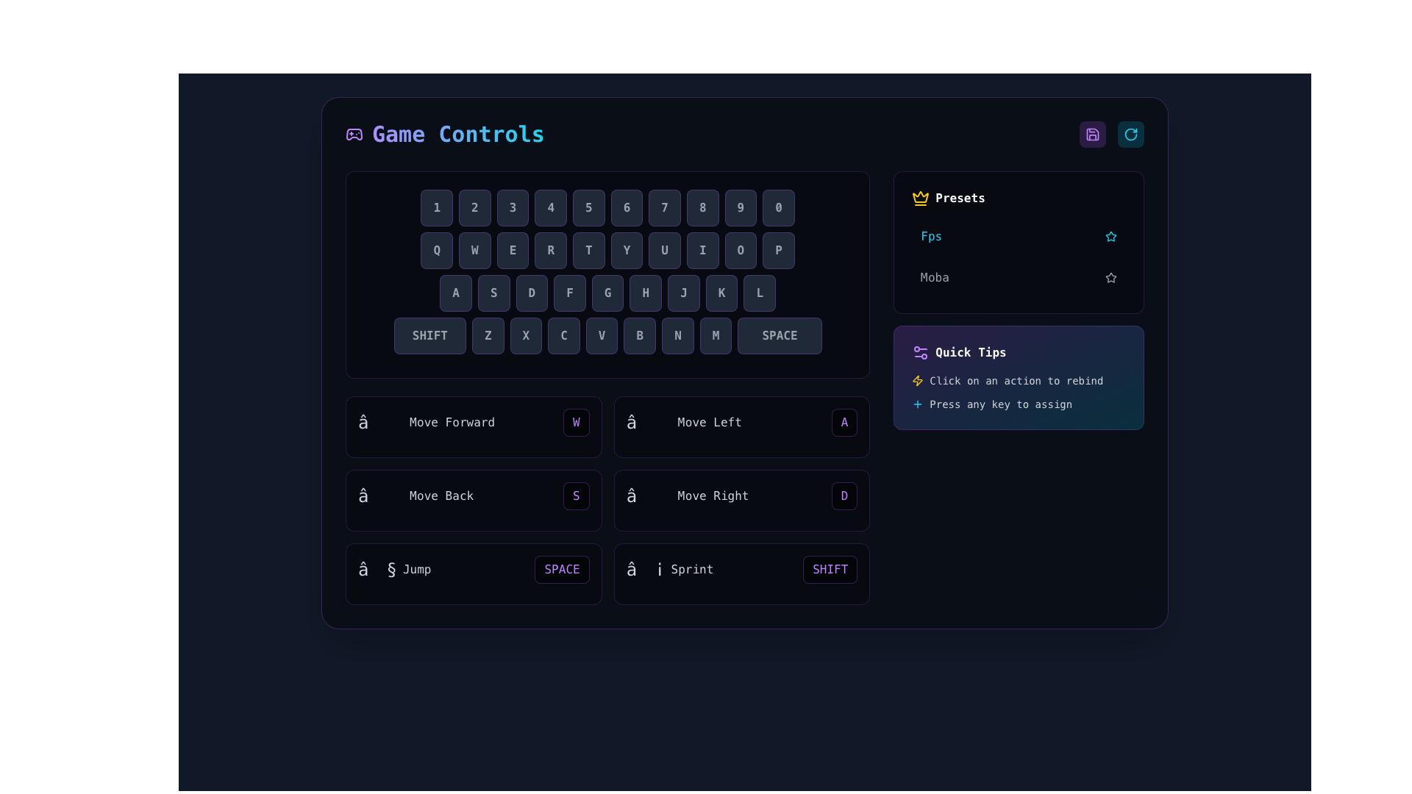 Image resolution: width=1412 pixels, height=794 pixels. Describe the element at coordinates (627, 249) in the screenshot. I see `the 6th button from the left in the row of 'QWERTYUIOP' on the virtual keyboard layout` at that location.